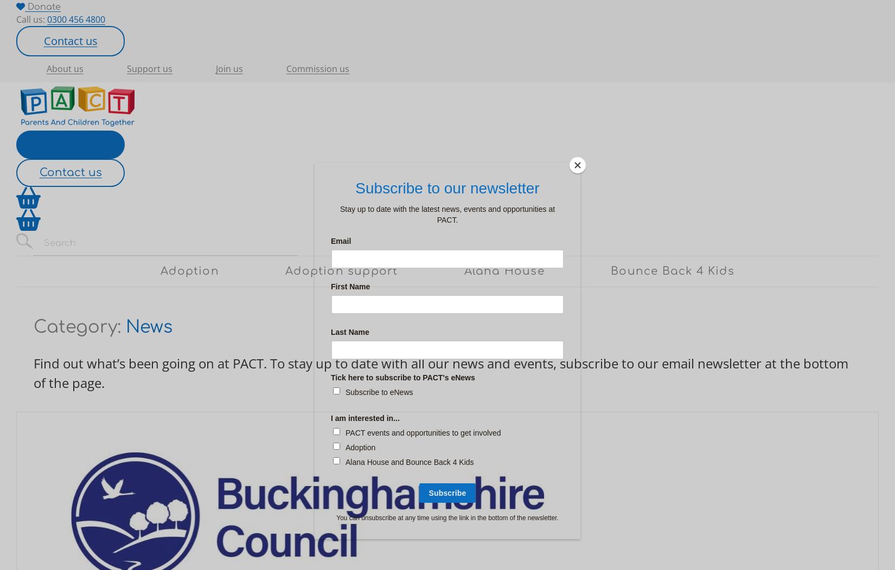 Image resolution: width=895 pixels, height=570 pixels. I want to click on '0300 456 4800', so click(47, 19).